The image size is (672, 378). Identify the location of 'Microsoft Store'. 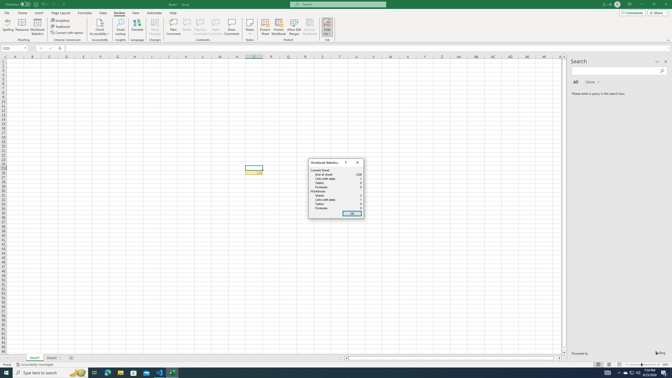
(134, 372).